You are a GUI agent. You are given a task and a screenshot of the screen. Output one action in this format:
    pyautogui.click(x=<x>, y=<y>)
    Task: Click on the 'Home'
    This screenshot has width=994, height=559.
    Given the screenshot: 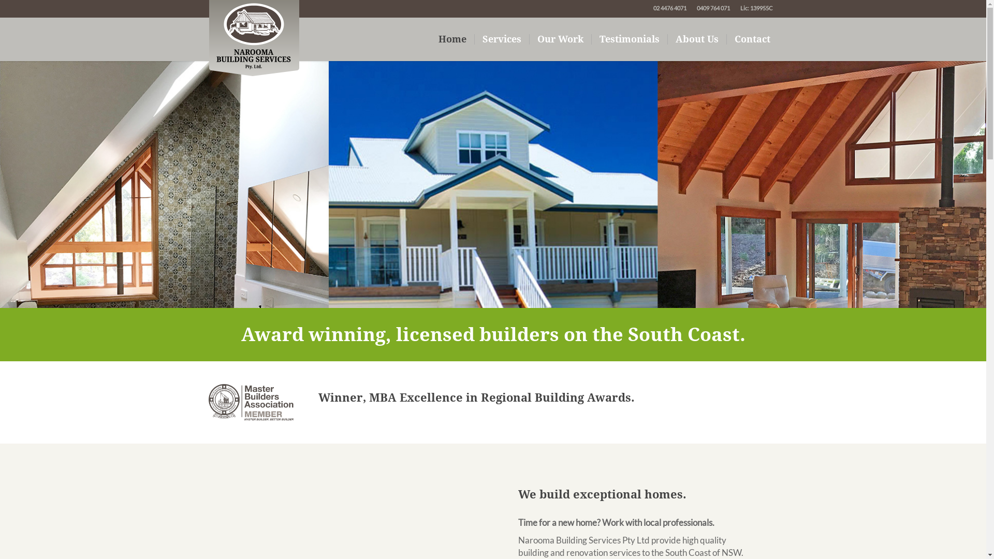 What is the action you would take?
    pyautogui.click(x=452, y=39)
    